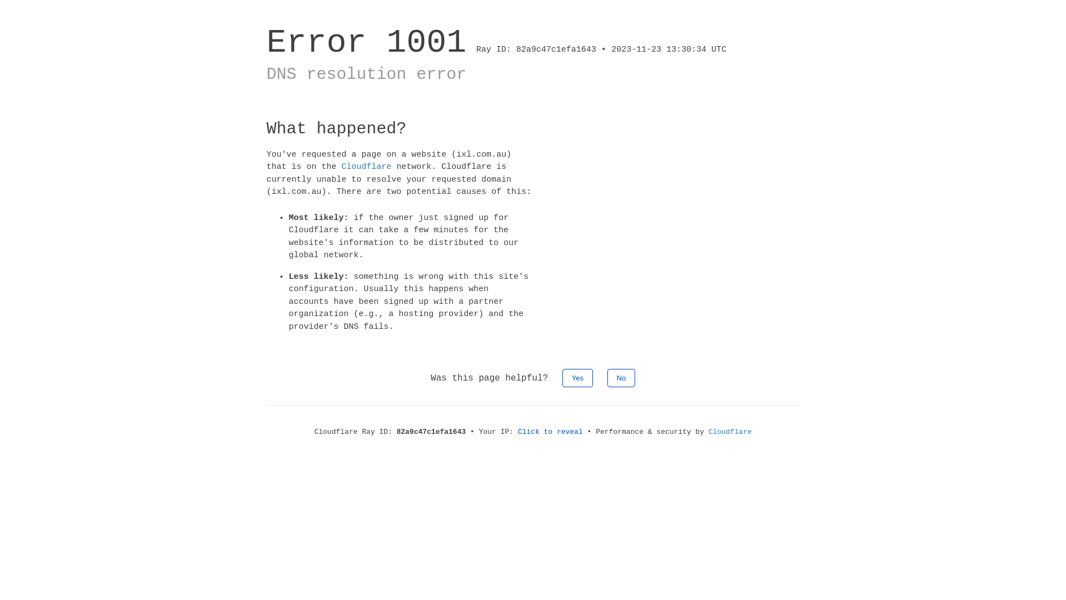 The image size is (1066, 600). Describe the element at coordinates (550, 431) in the screenshot. I see `'Click to reveal'` at that location.